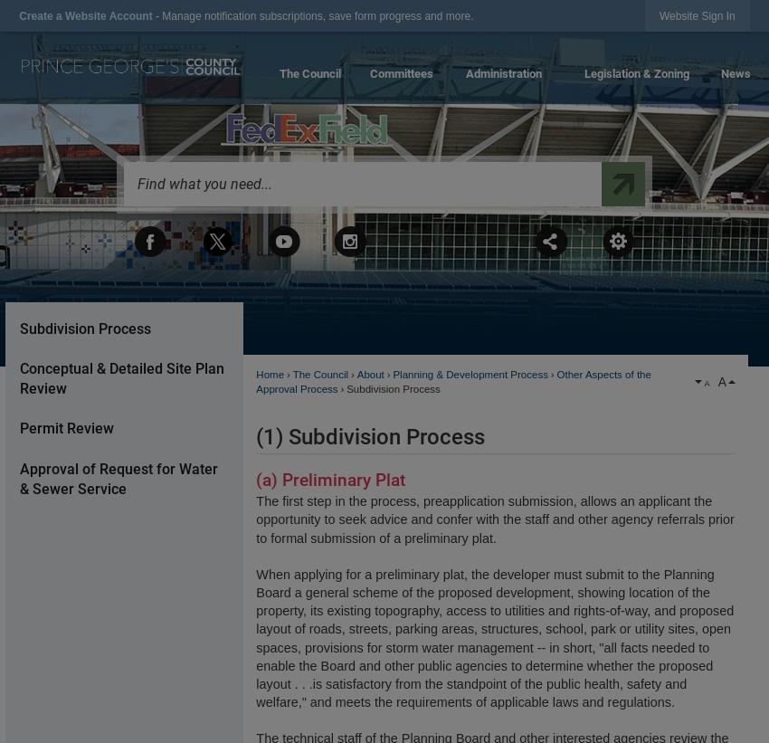 Image resolution: width=769 pixels, height=743 pixels. I want to click on 'Conceptual & Detailed Site Plan Review', so click(120, 377).